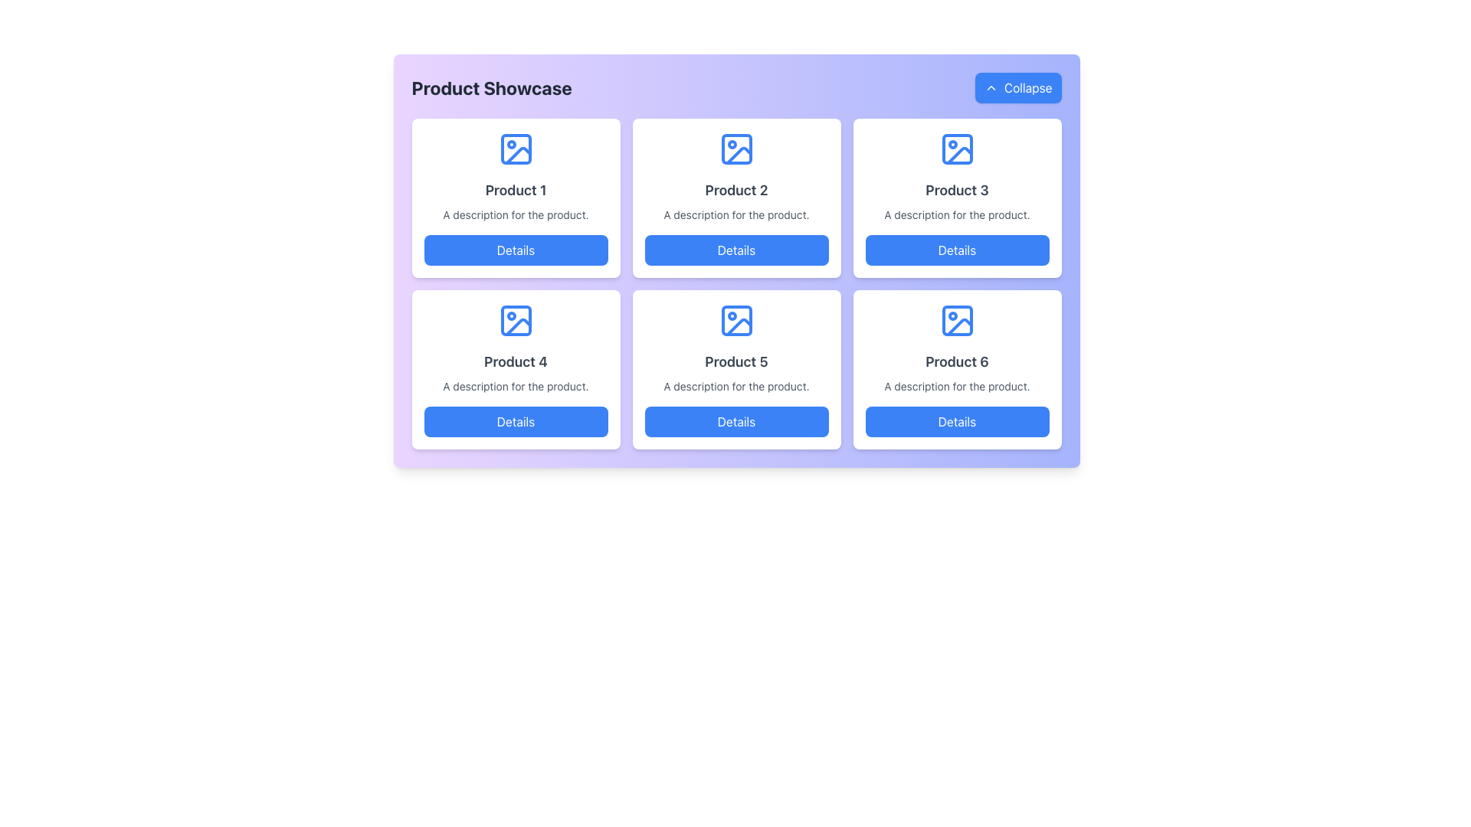 The height and width of the screenshot is (827, 1471). I want to click on the graphical component representing the placeholder image icon in the 'Product 4' section, located in the second row, first column of the grid layout, so click(516, 320).